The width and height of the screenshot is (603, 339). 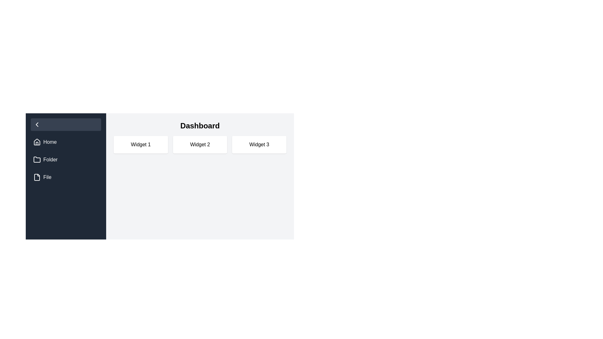 I want to click on the Card or module display box representing 'Widget 2', which is the second element in a row of three, positioned below the 'Dashboard' heading, so click(x=200, y=145).